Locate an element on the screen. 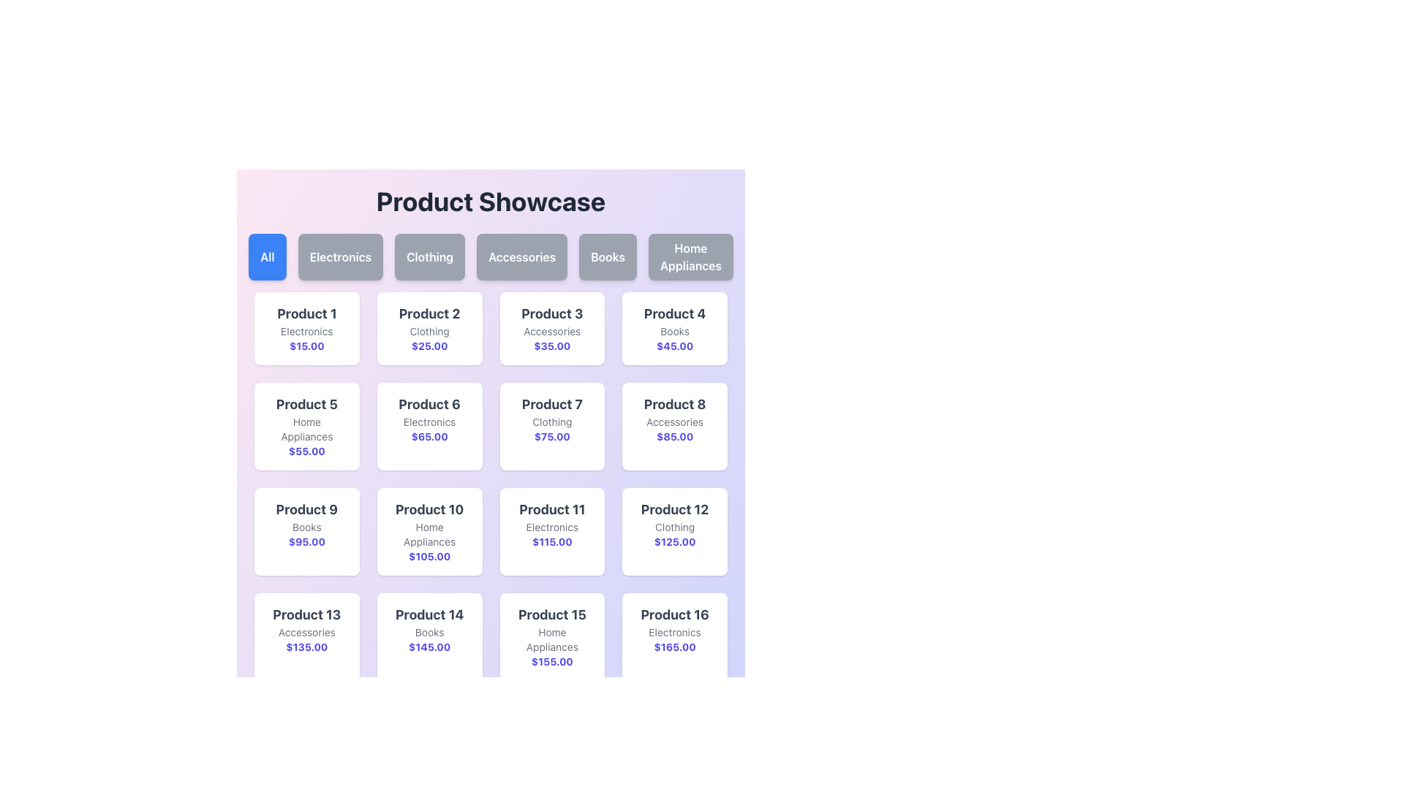 This screenshot has width=1404, height=789. the text label displaying the category 'Books' for 'Product 4', located at the center bottom of the product card is located at coordinates (674, 332).